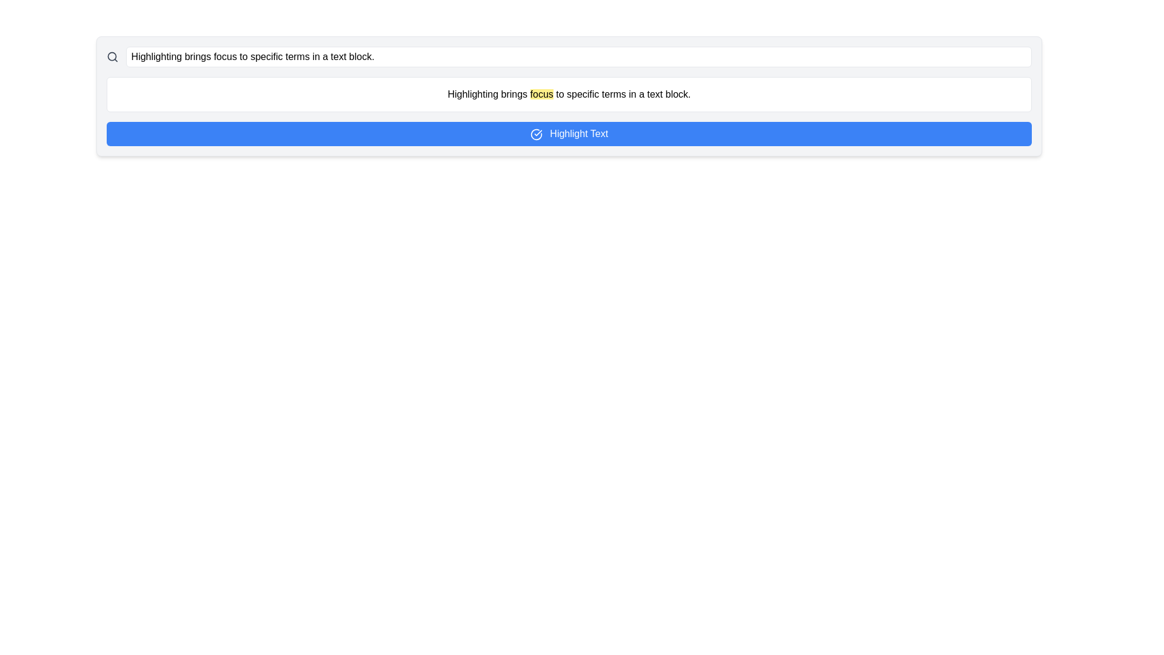 The image size is (1164, 655). What do you see at coordinates (569, 93) in the screenshot?
I see `the highlighted term 'focus' in the Informational Text Block with a white background and a yellow highlight` at bounding box center [569, 93].